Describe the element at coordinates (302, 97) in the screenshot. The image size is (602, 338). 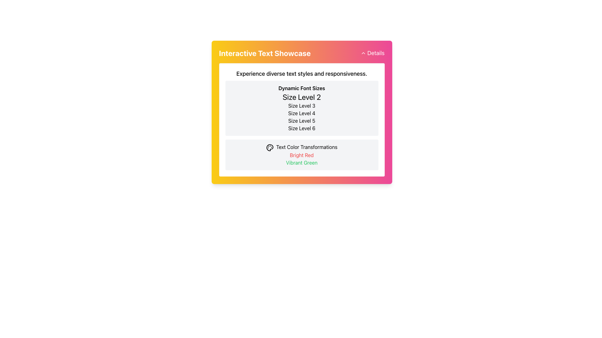
I see `the second text label under the heading 'Dynamic Font Sizes', which is located beneath 'Dynamic Font Sizes' and above 'Size Level 3'. This label is not interactive but is part of a vertically stacked list in a rounded rectangular box with a light gray background` at that location.